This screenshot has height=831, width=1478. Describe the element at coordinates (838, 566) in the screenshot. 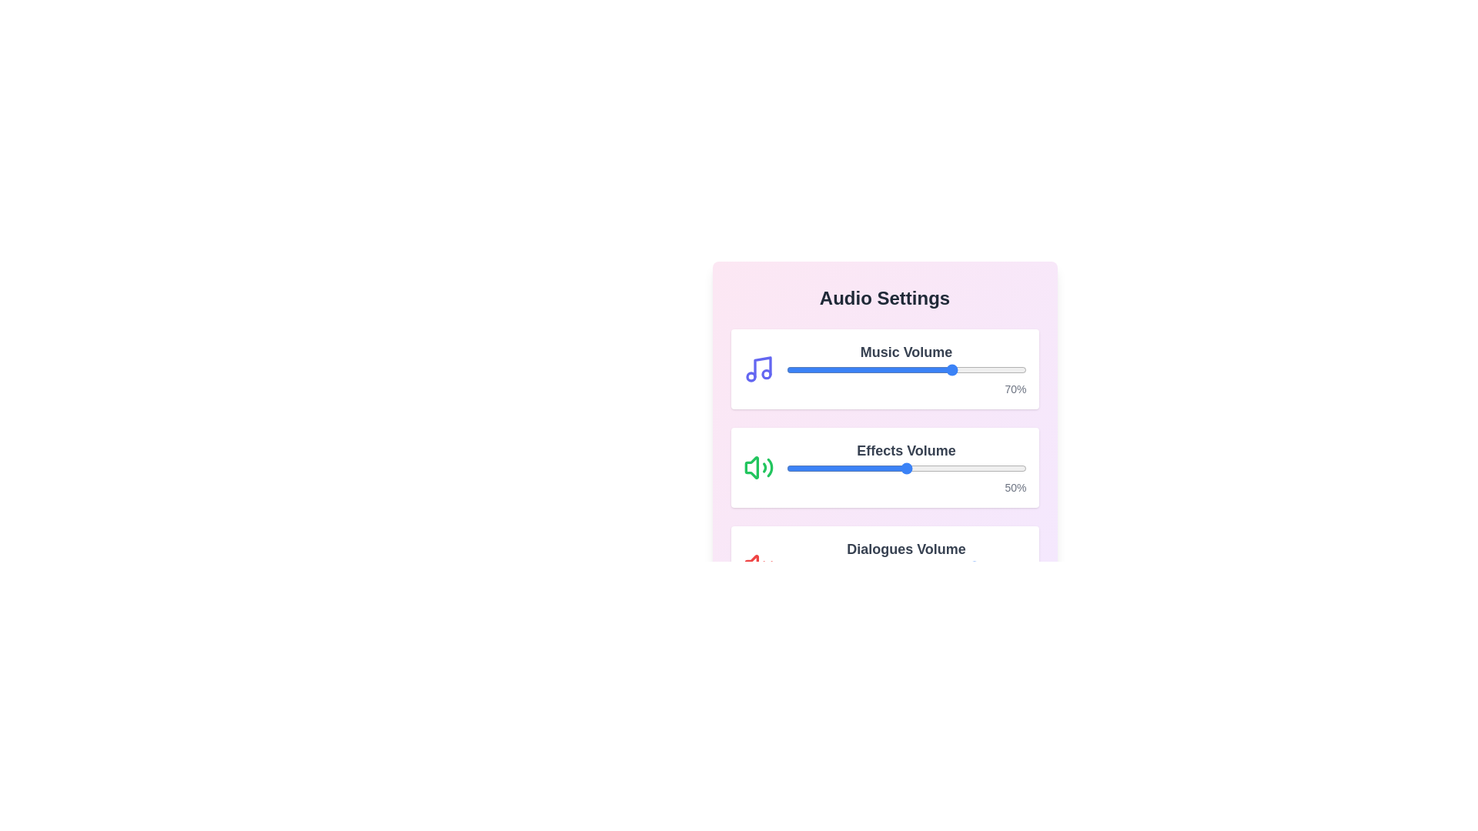

I see `the Dialogues Volume slider to 22%` at that location.